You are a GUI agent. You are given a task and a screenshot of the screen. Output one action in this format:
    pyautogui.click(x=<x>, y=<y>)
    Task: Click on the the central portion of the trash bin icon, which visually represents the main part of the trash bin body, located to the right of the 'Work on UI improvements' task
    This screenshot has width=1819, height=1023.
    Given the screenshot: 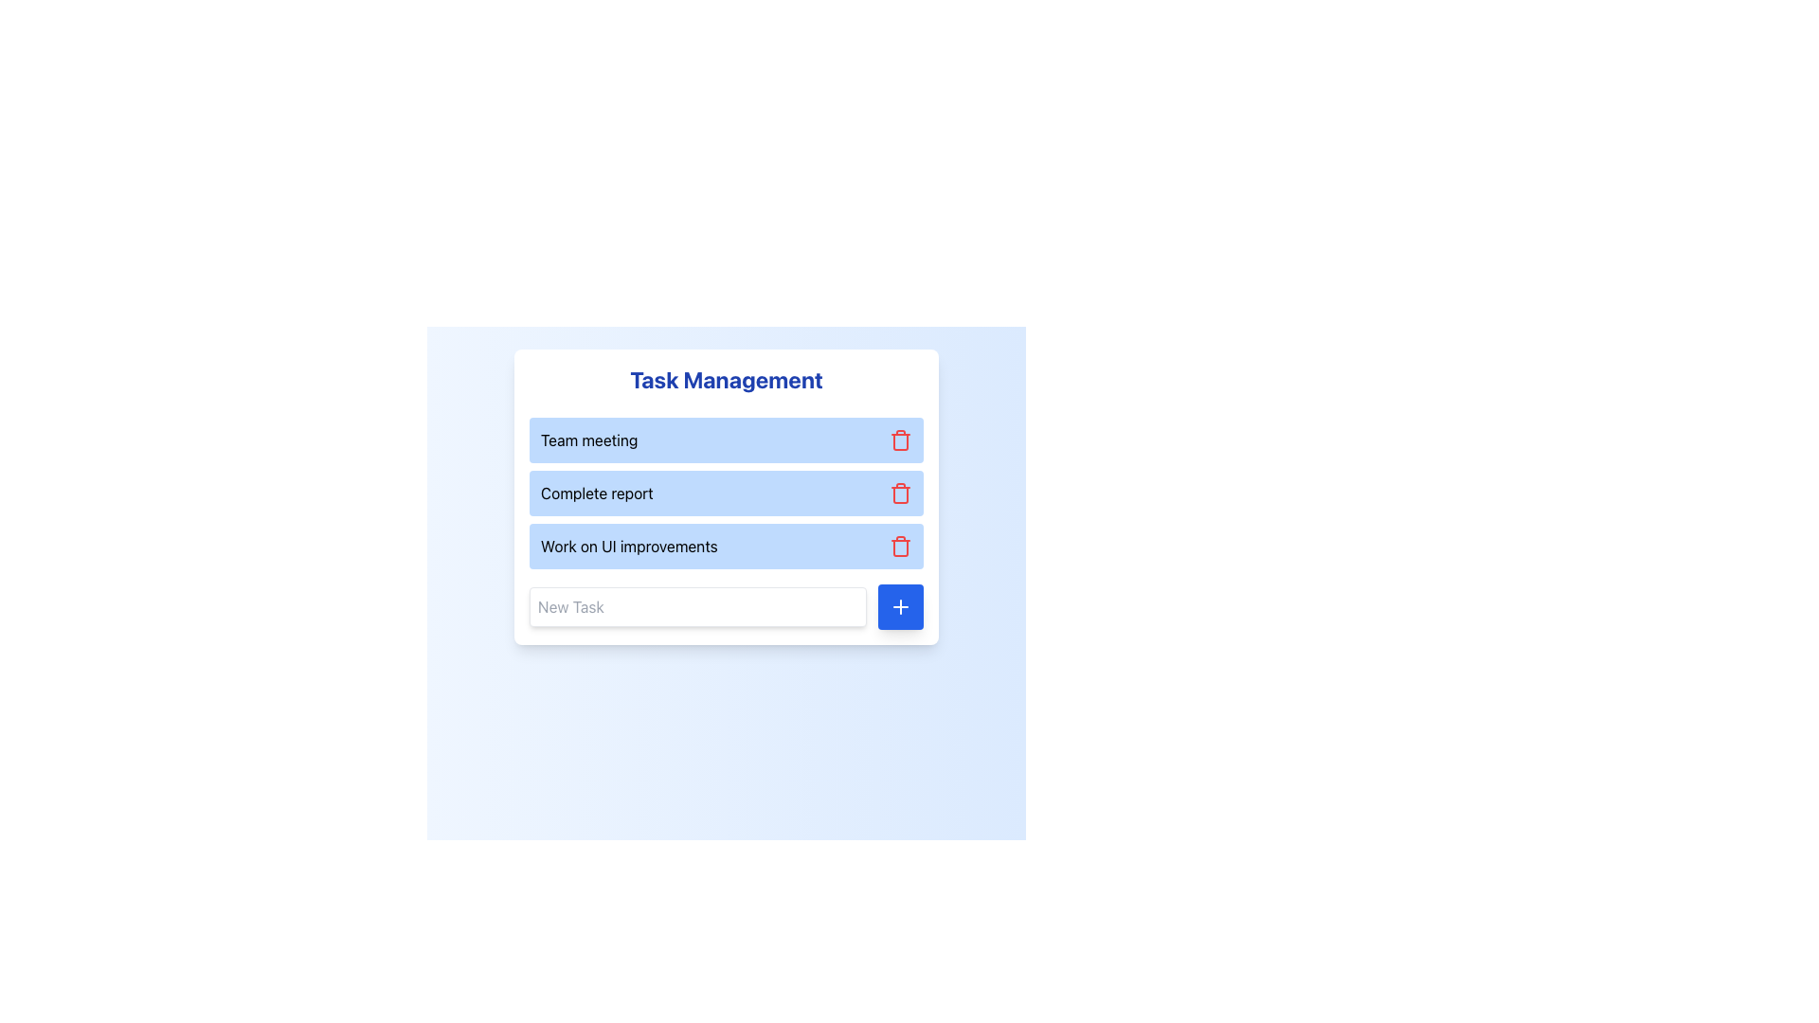 What is the action you would take?
    pyautogui.click(x=899, y=547)
    